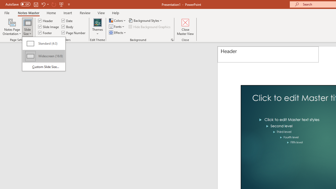 The width and height of the screenshot is (336, 189). What do you see at coordinates (45, 33) in the screenshot?
I see `'Footer'` at bounding box center [45, 33].